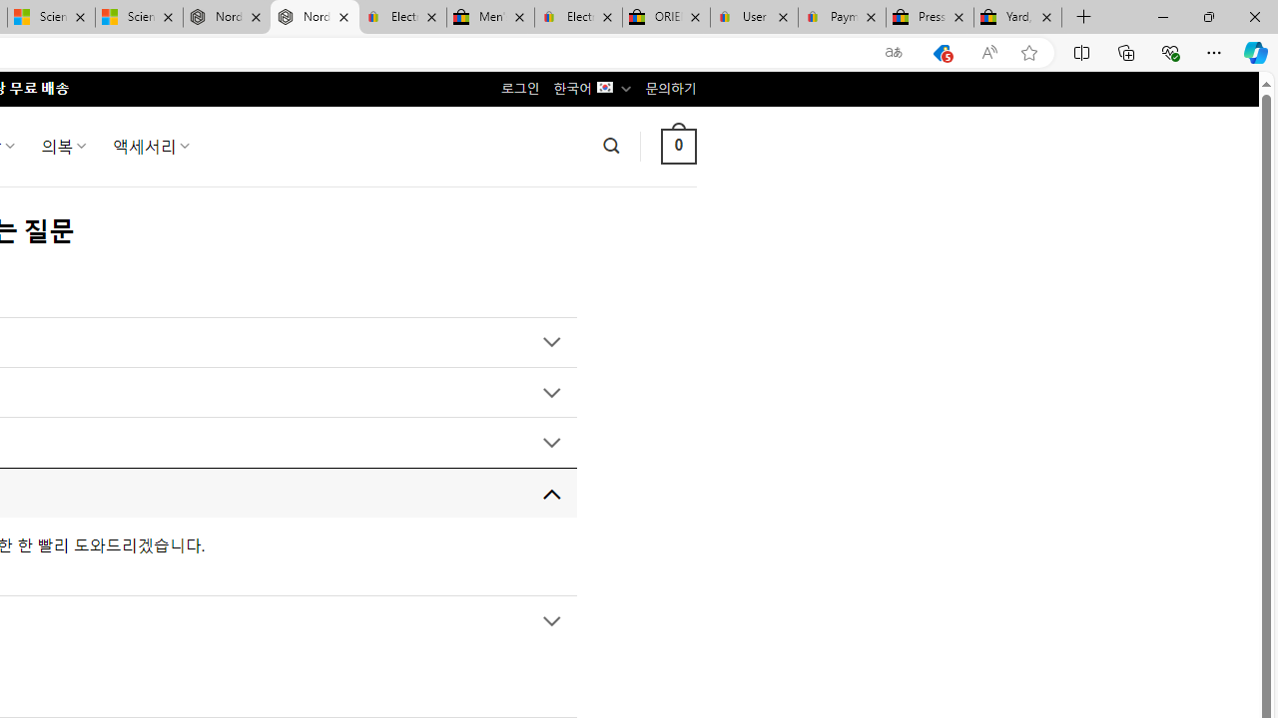  What do you see at coordinates (678, 145) in the screenshot?
I see `' 0 '` at bounding box center [678, 145].